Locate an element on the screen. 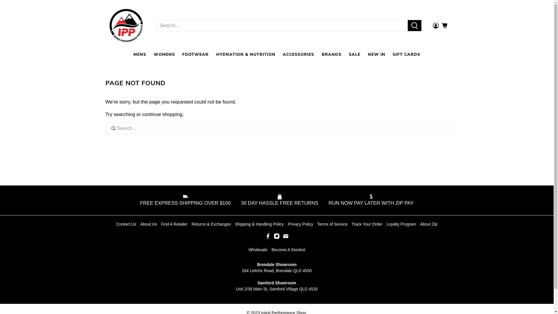 The width and height of the screenshot is (558, 314). 'Wholesale' is located at coordinates (257, 249).